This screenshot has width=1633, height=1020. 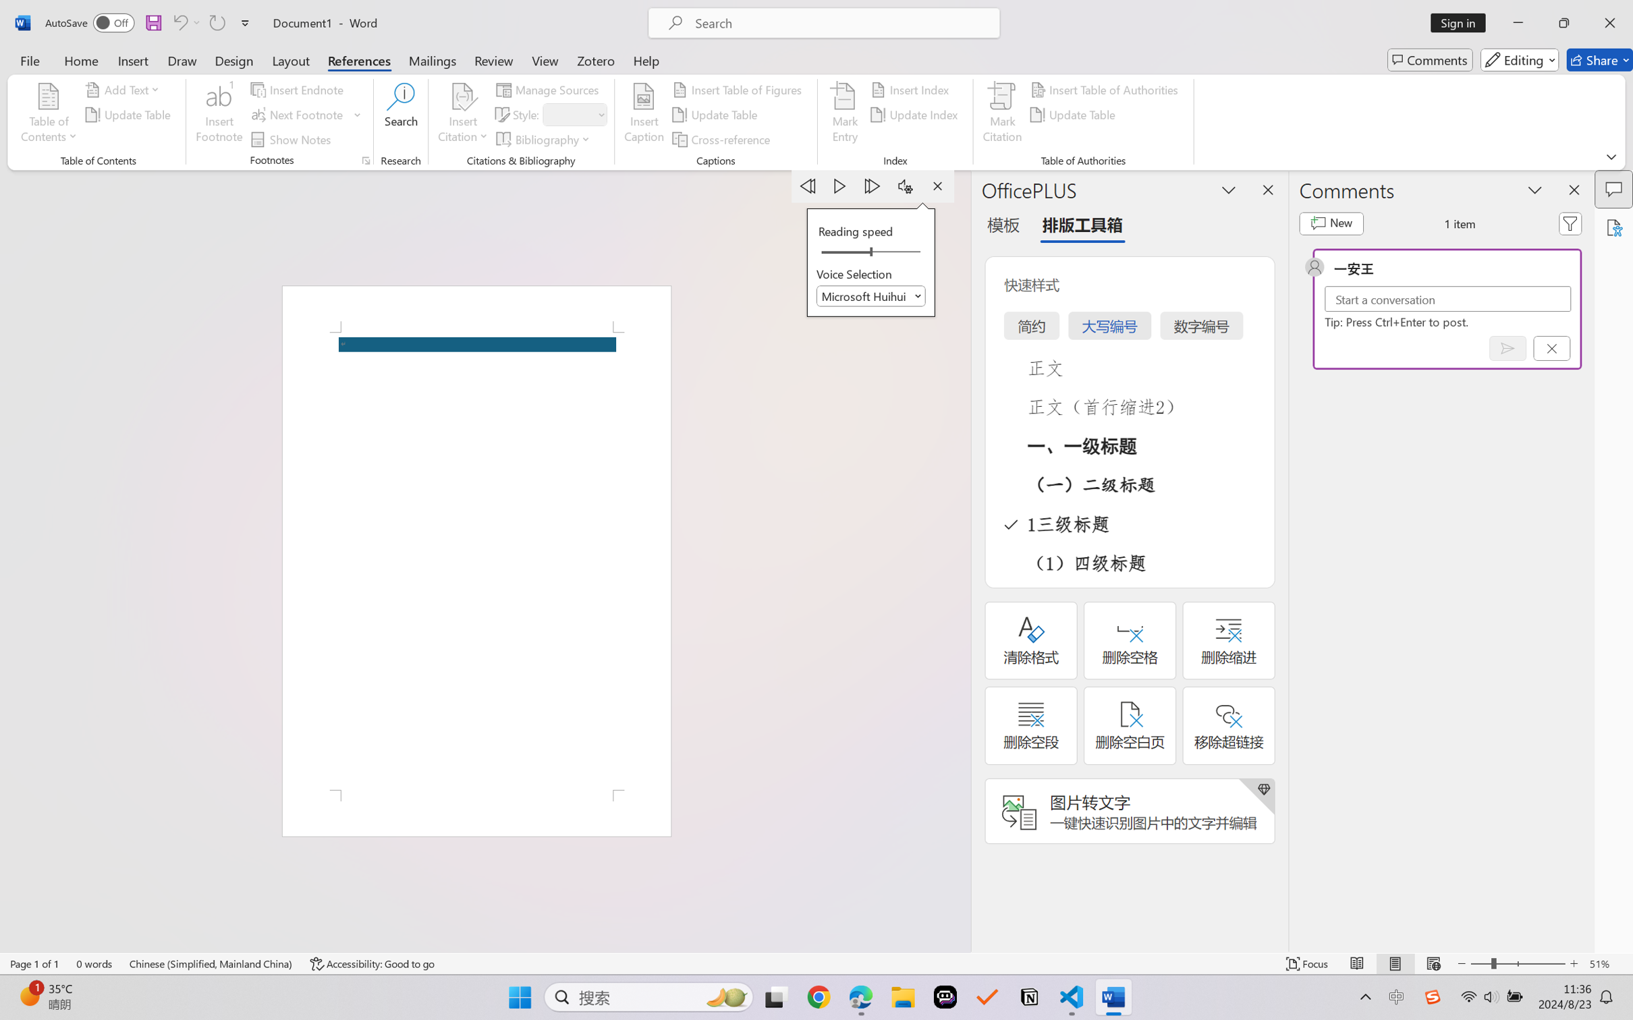 What do you see at coordinates (574, 115) in the screenshot?
I see `'Style'` at bounding box center [574, 115].